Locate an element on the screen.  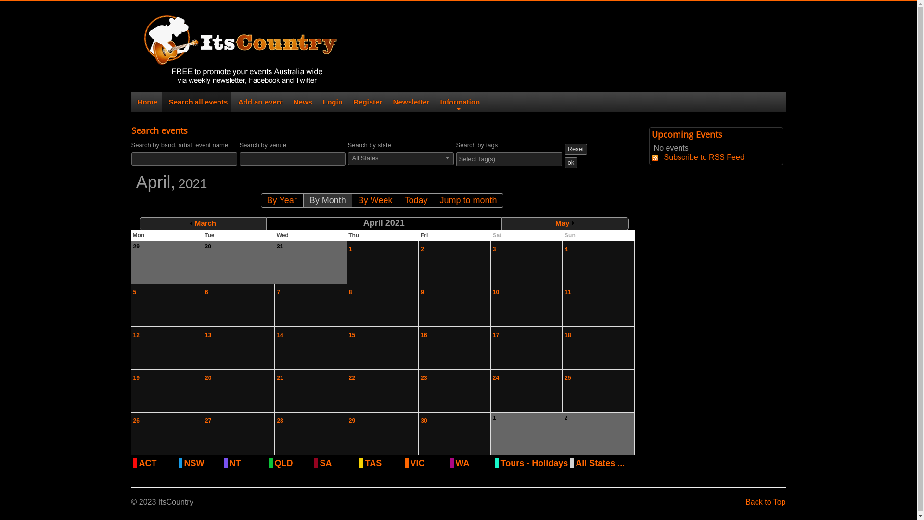
'March' is located at coordinates (203, 223).